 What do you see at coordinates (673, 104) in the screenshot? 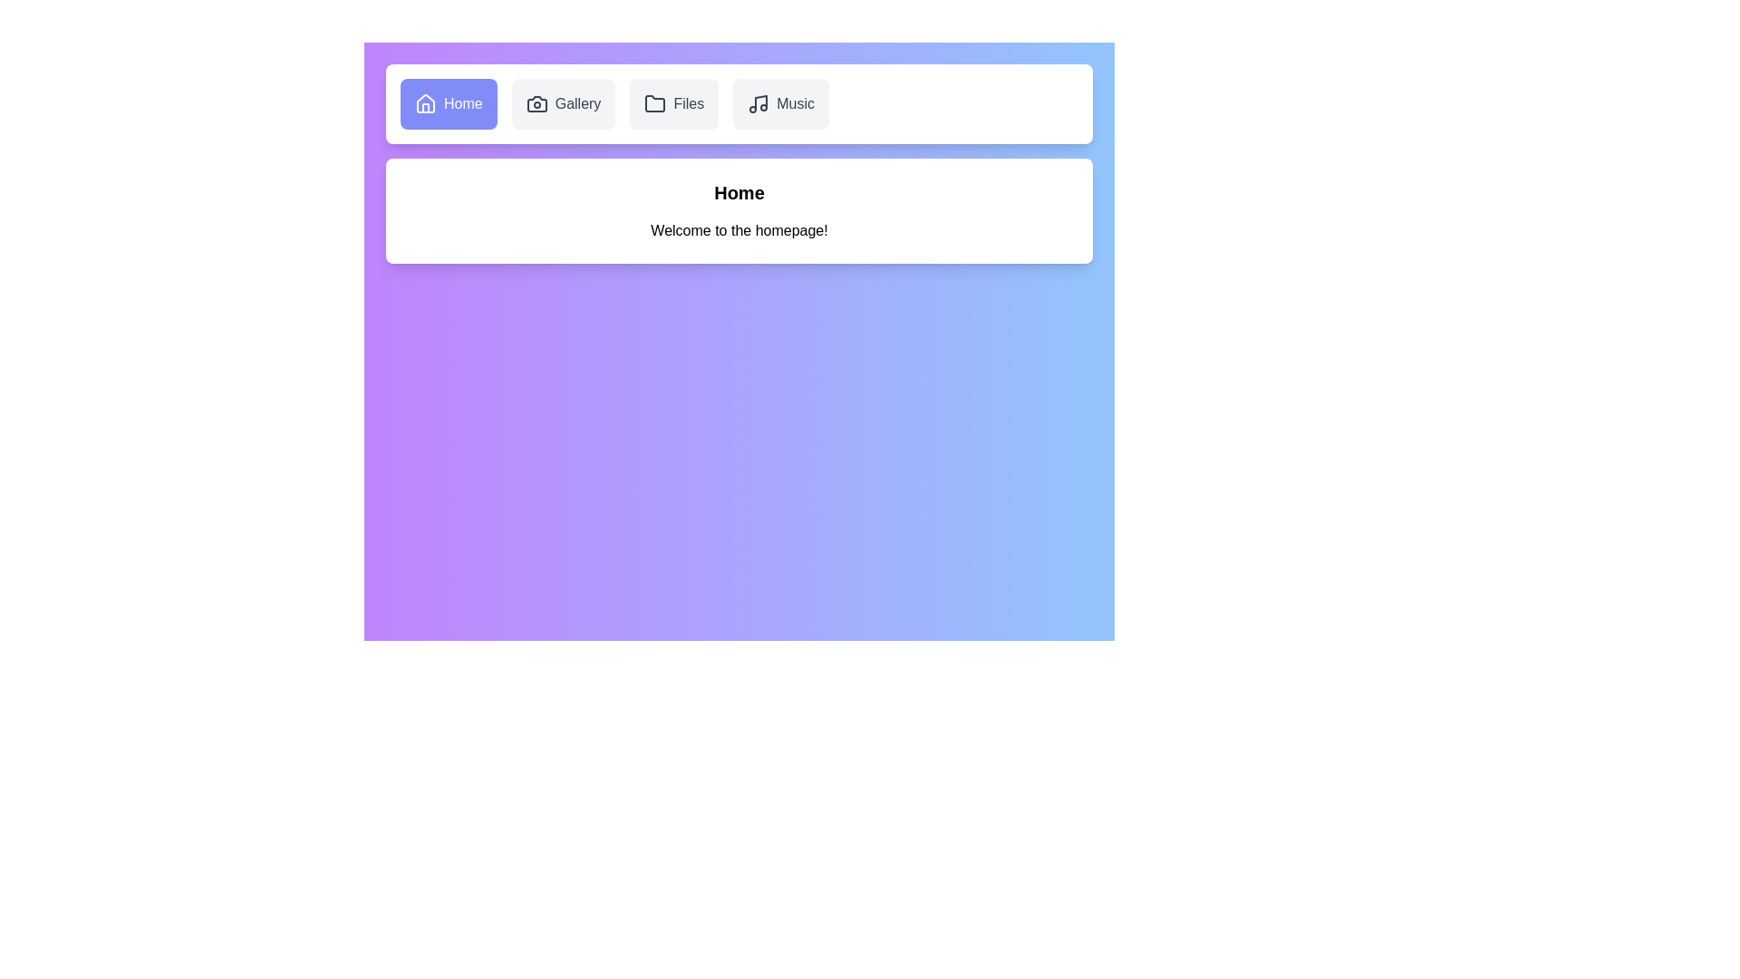
I see `the tab labeled Files` at bounding box center [673, 104].